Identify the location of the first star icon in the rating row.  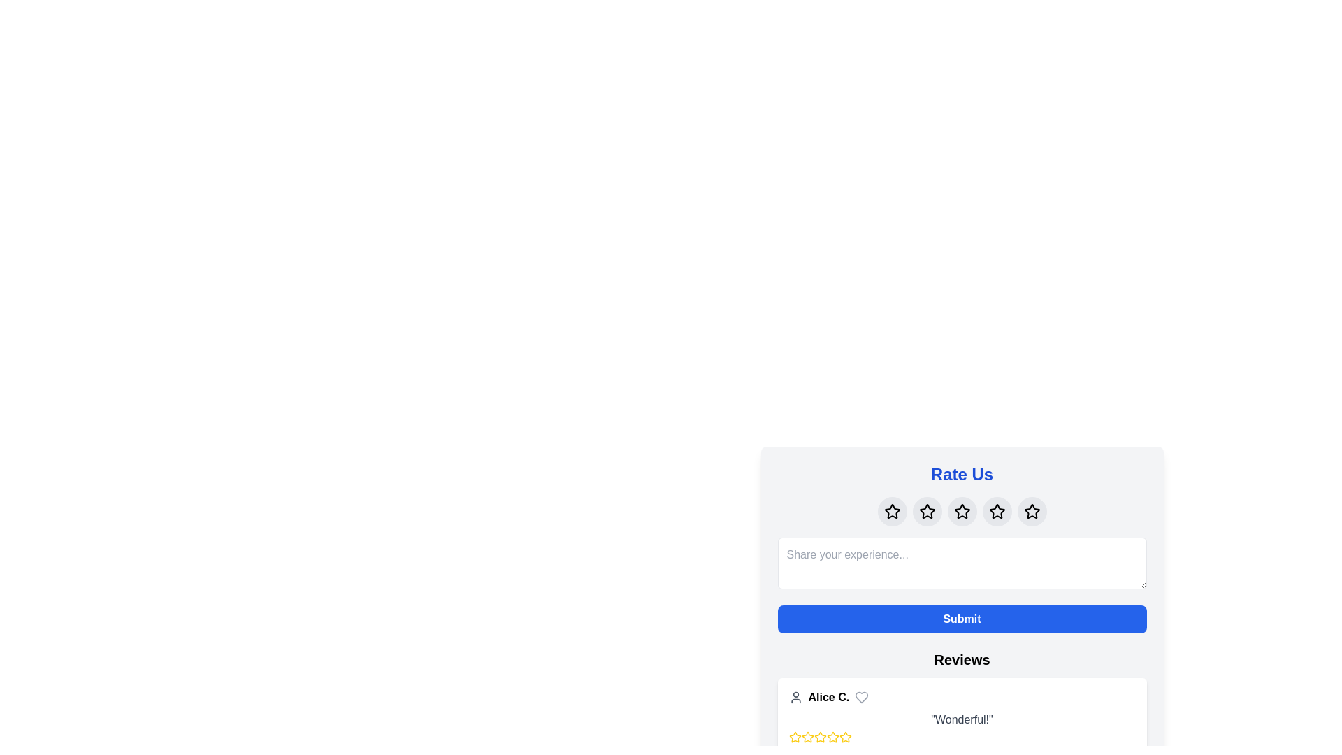
(795, 736).